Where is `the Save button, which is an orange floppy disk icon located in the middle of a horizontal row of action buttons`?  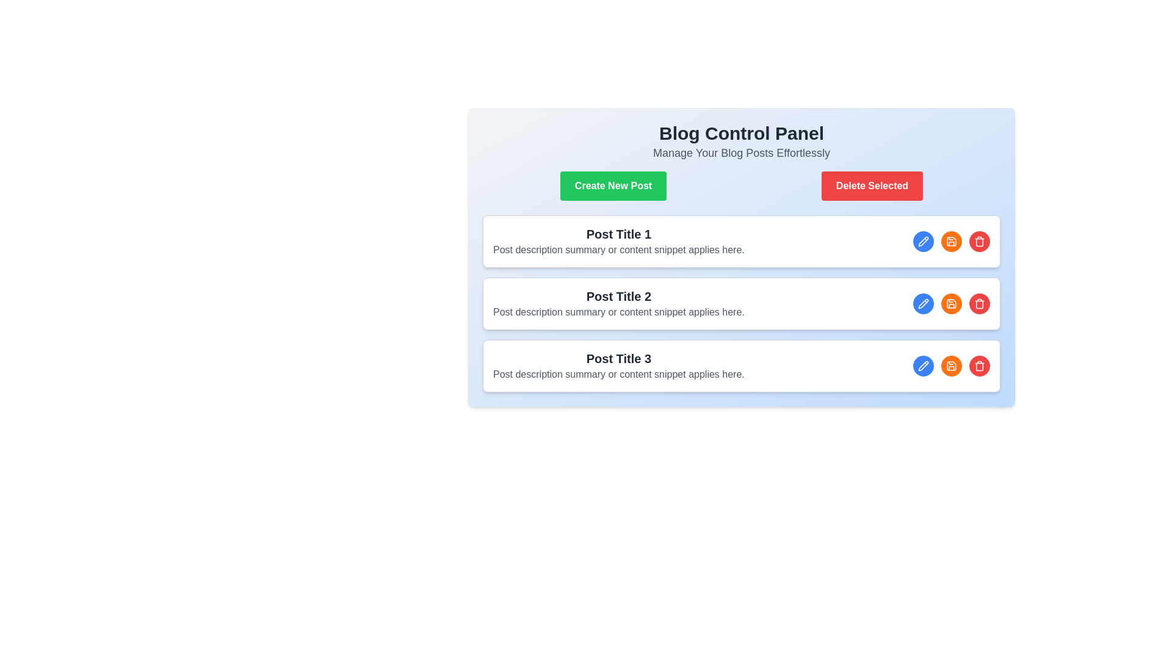
the Save button, which is an orange floppy disk icon located in the middle of a horizontal row of action buttons is located at coordinates (951, 366).